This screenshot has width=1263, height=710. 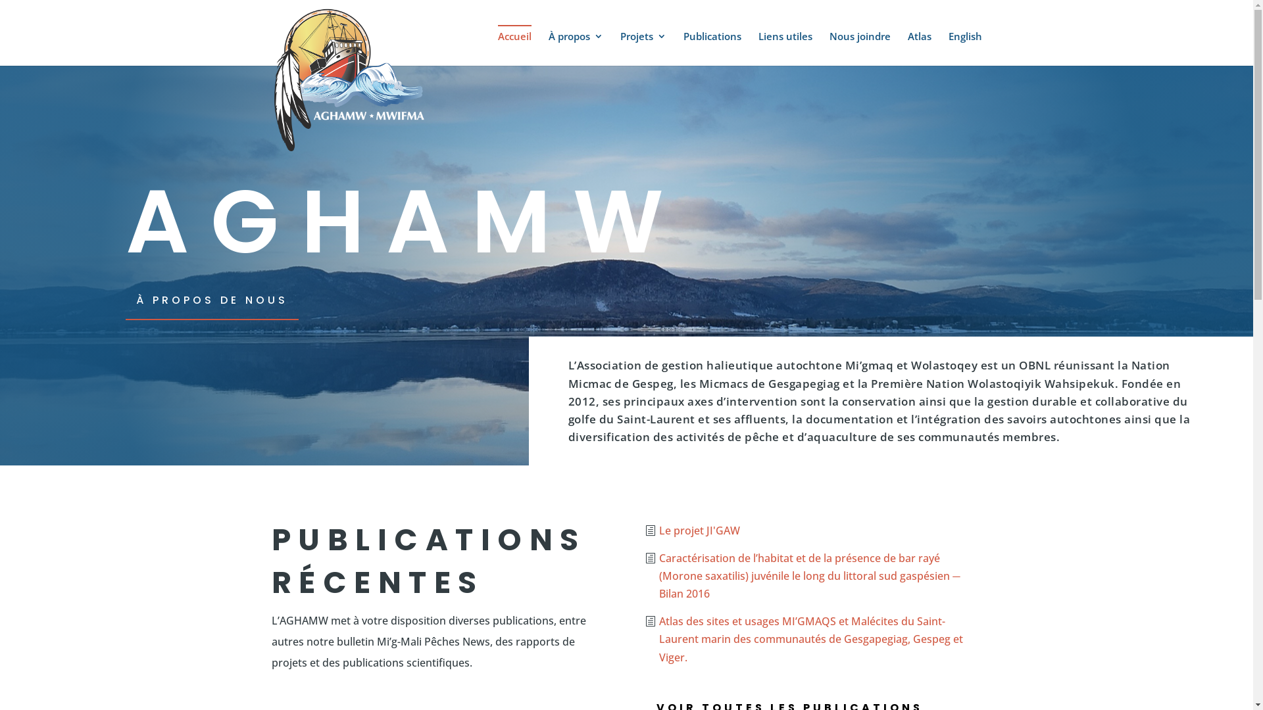 What do you see at coordinates (643, 47) in the screenshot?
I see `'Projets'` at bounding box center [643, 47].